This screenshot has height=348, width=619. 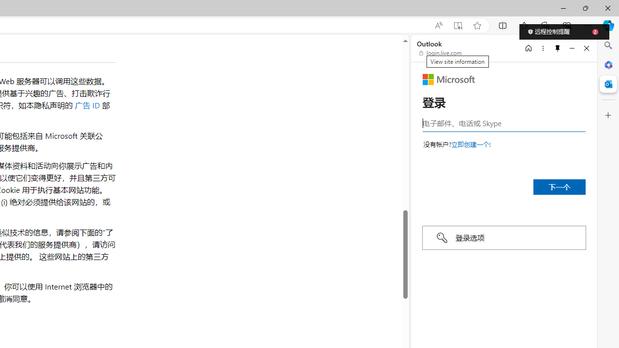 I want to click on 'Unpin side pane', so click(x=558, y=48).